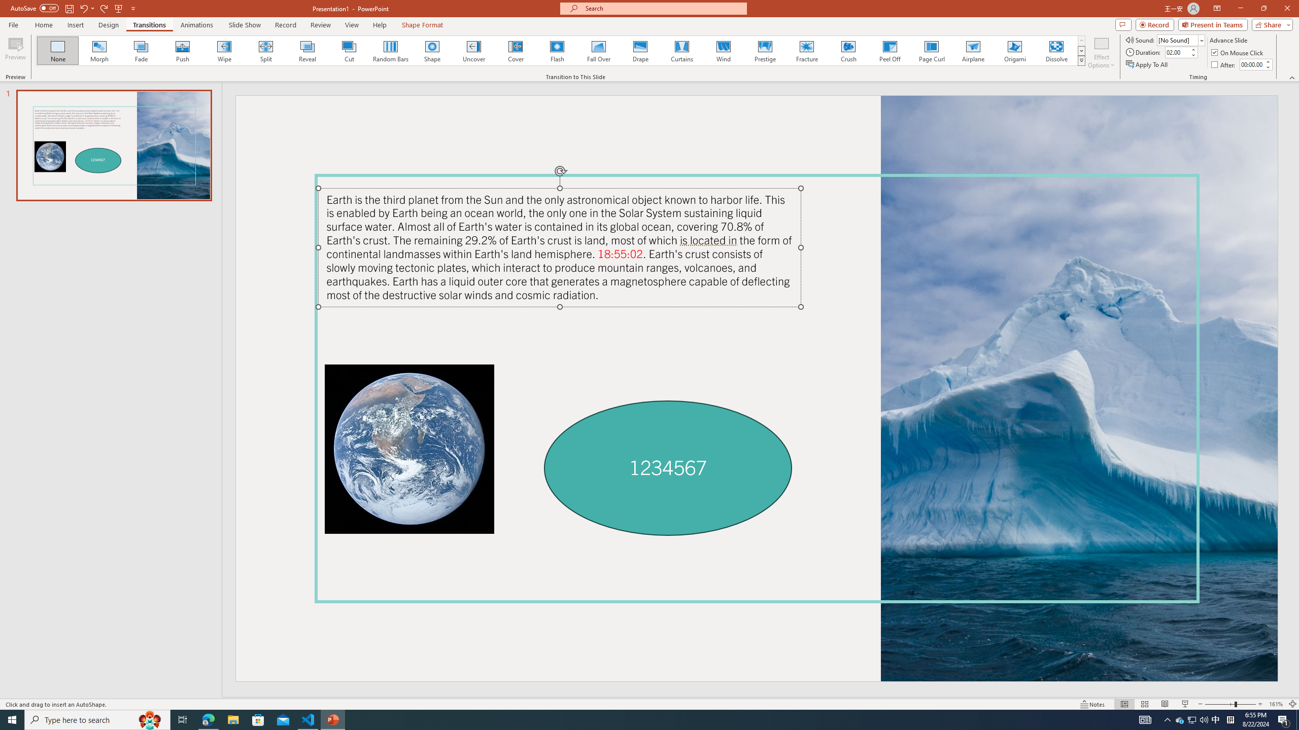  Describe the element at coordinates (224, 50) in the screenshot. I see `'Wipe'` at that location.